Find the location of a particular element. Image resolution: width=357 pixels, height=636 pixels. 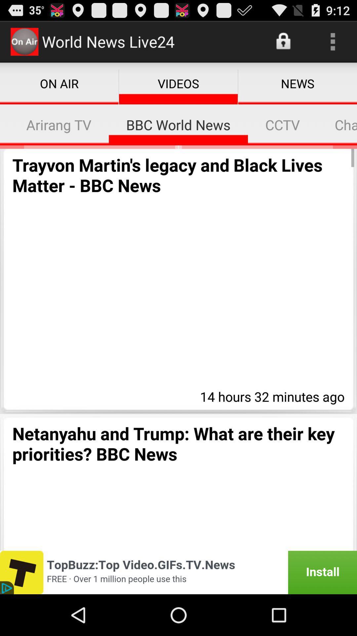

the icon next to the world news live24 item is located at coordinates (284, 41).